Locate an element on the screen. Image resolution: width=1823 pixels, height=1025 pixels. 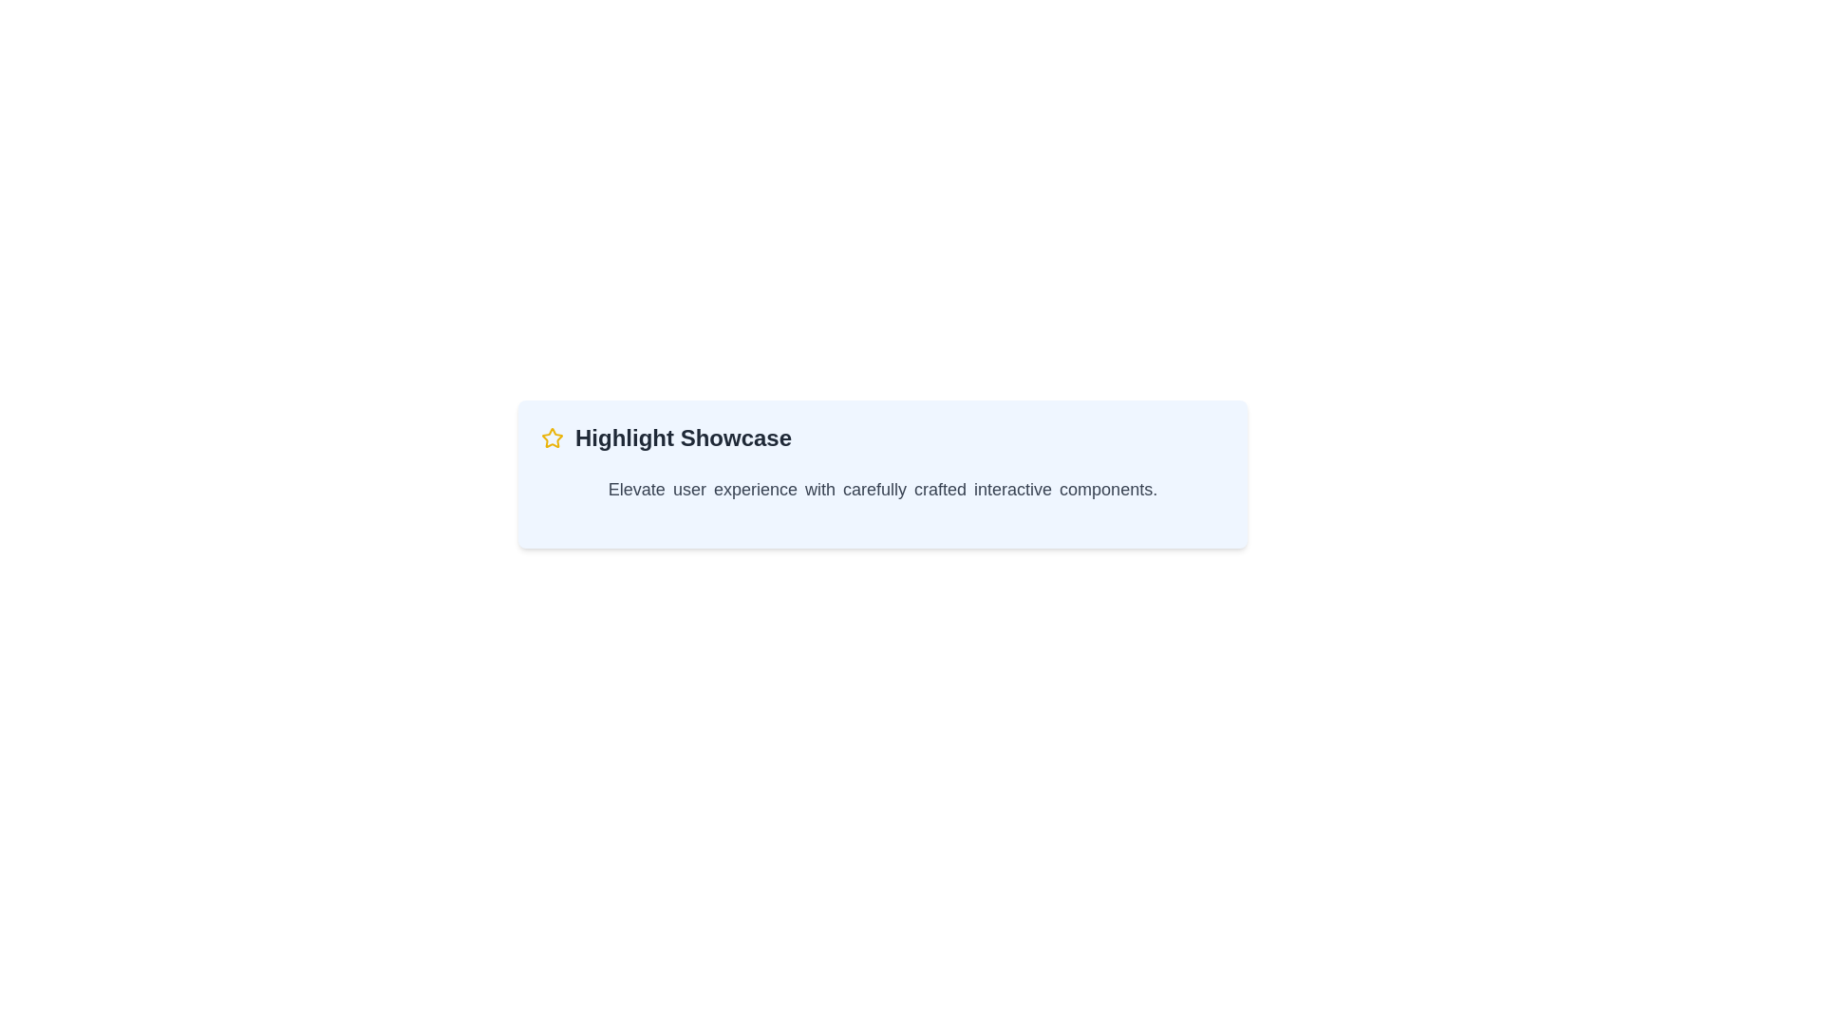
the non-interactive text element that is the fourth word in the sentence below the title 'Highlight Showcase', following 'Elevate', 'user', and 'experience' is located at coordinates (820, 489).